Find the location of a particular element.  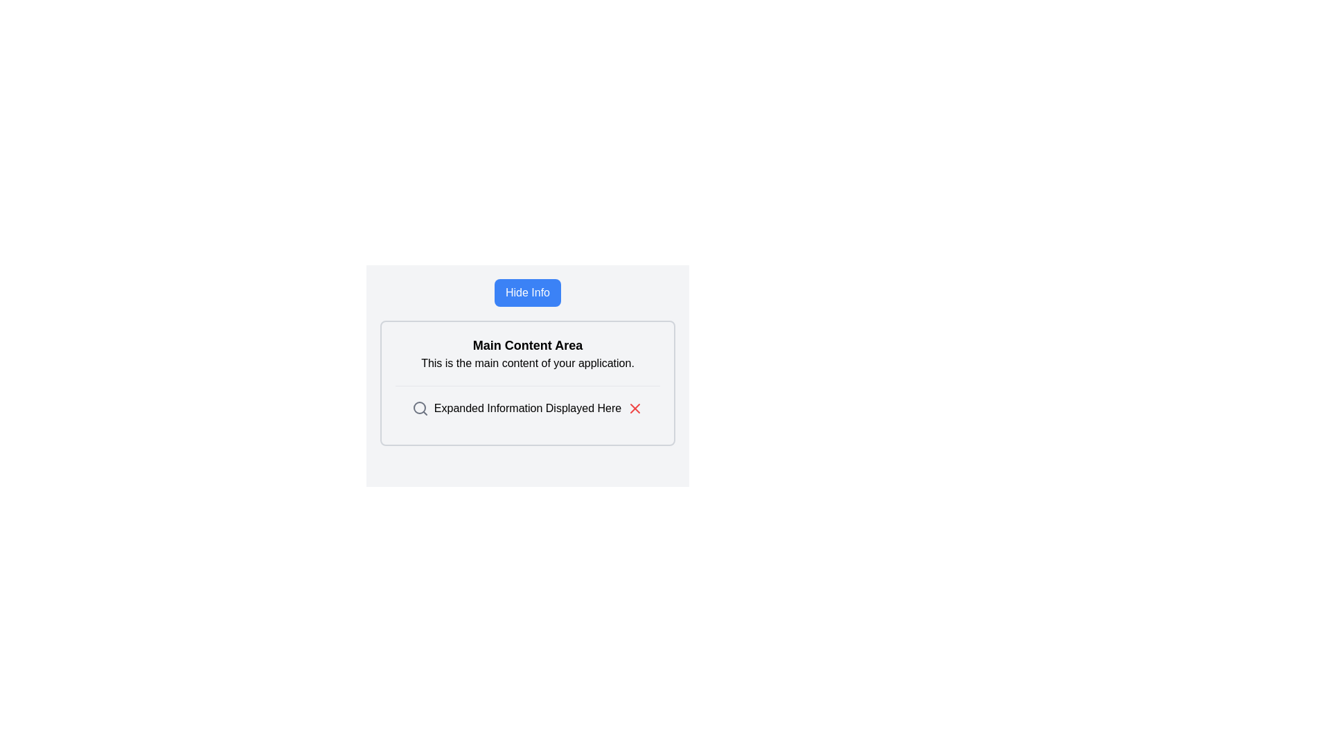

the red-colored cross icon, which is the rightmost element in the row displaying 'Expanded Information Displayed Here' is located at coordinates (635, 408).